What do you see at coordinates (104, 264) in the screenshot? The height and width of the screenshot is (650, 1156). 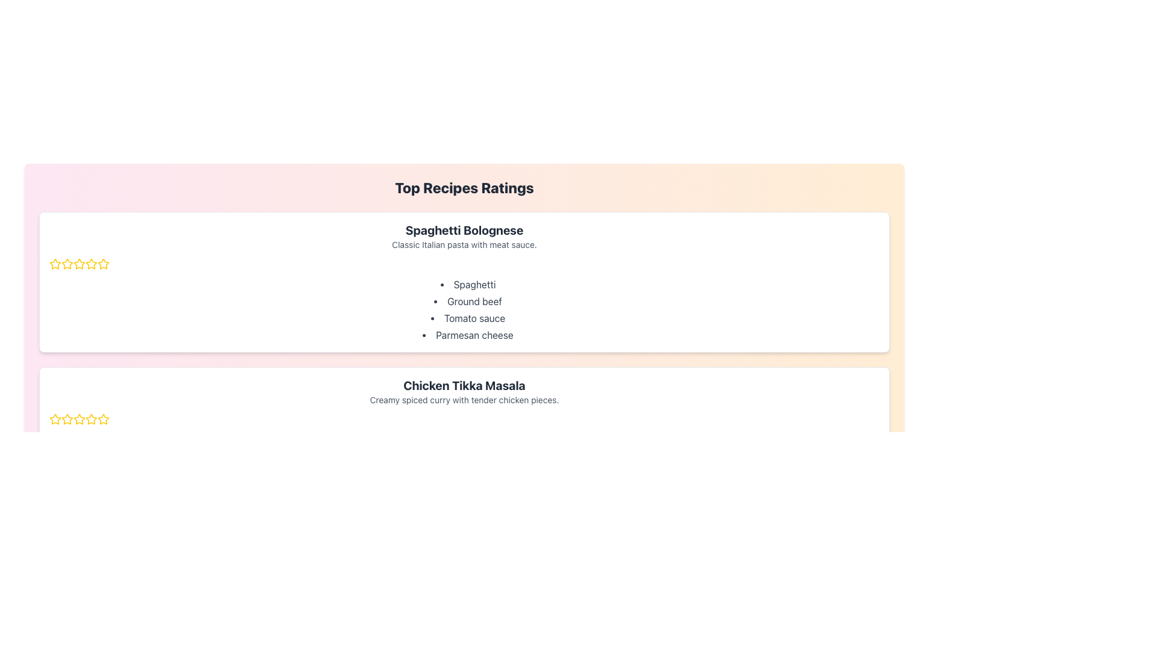 I see `the fifth rating star SVG icon` at bounding box center [104, 264].